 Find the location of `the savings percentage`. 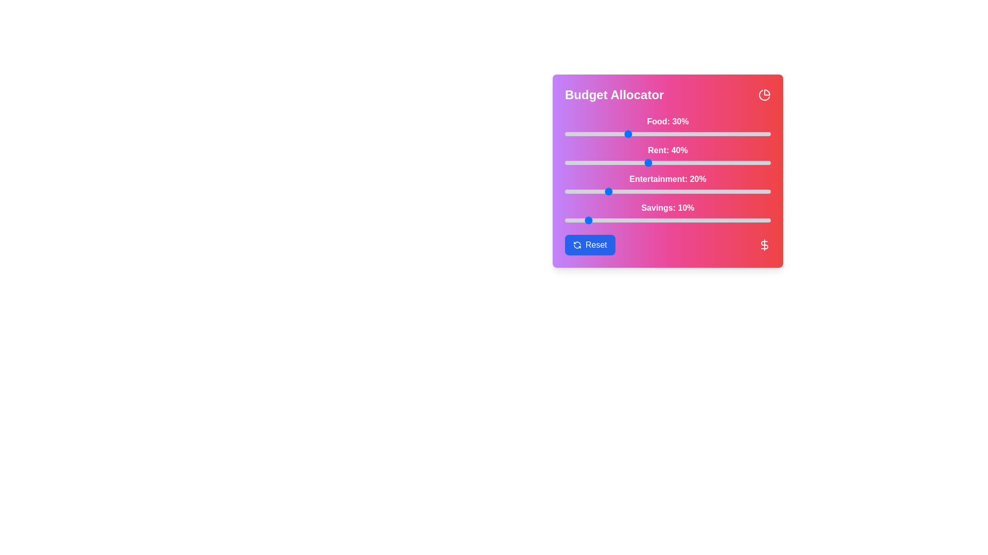

the savings percentage is located at coordinates (657, 219).